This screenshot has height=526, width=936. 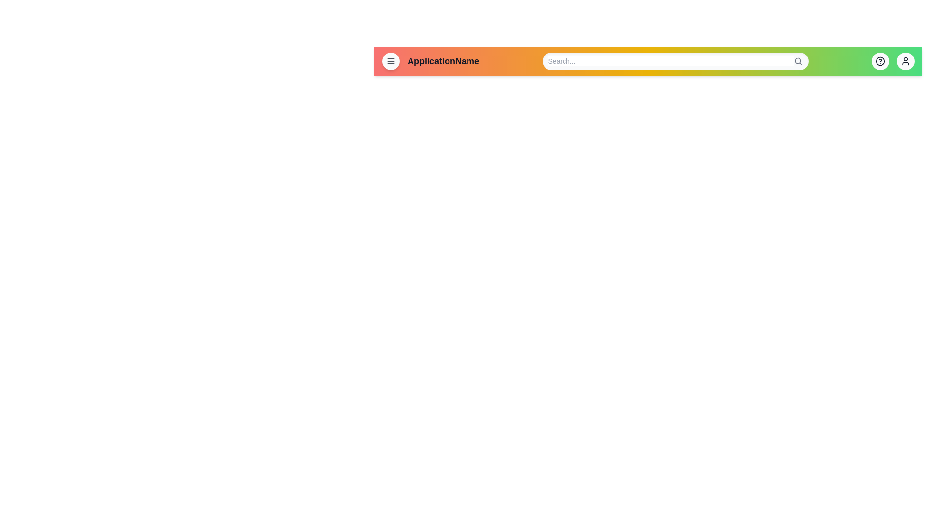 I want to click on the background of the app bar, so click(x=374, y=61).